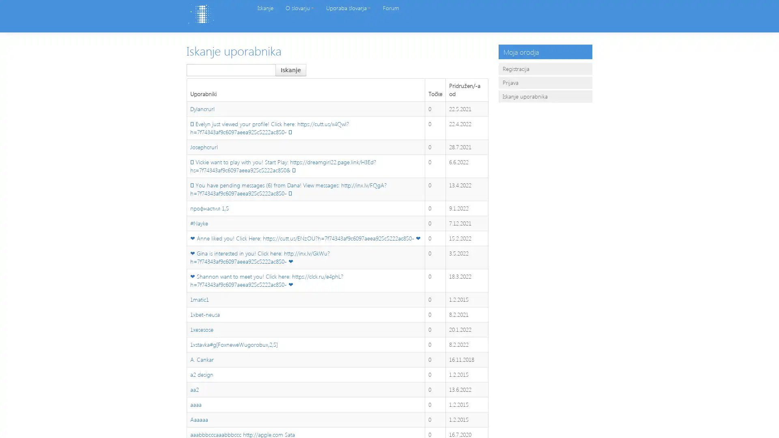 The image size is (779, 438). What do you see at coordinates (291, 70) in the screenshot?
I see `Iskanje` at bounding box center [291, 70].